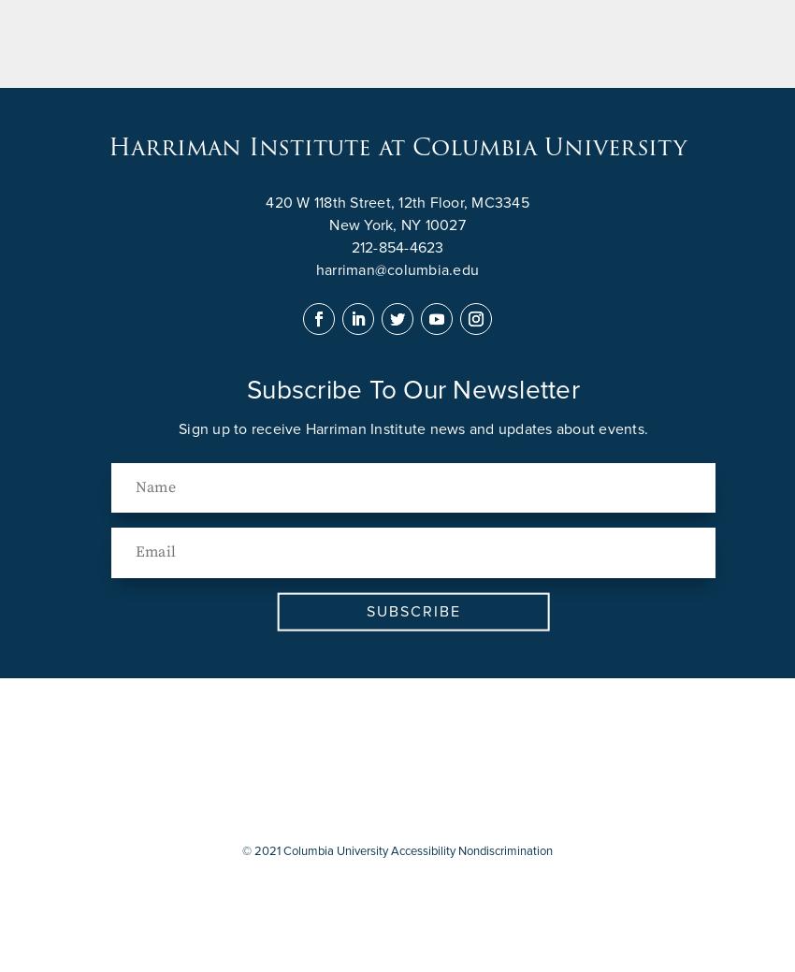 The height and width of the screenshot is (972, 795). I want to click on '420 W 118th Street, 12th Floor, MC3345', so click(397, 202).